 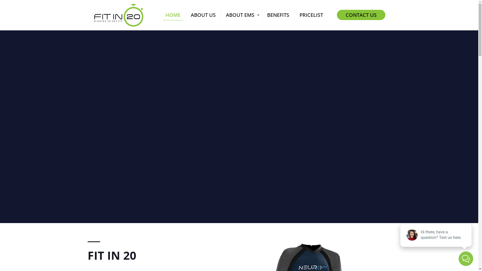 What do you see at coordinates (241, 15) in the screenshot?
I see `'ABOUT EMS'` at bounding box center [241, 15].